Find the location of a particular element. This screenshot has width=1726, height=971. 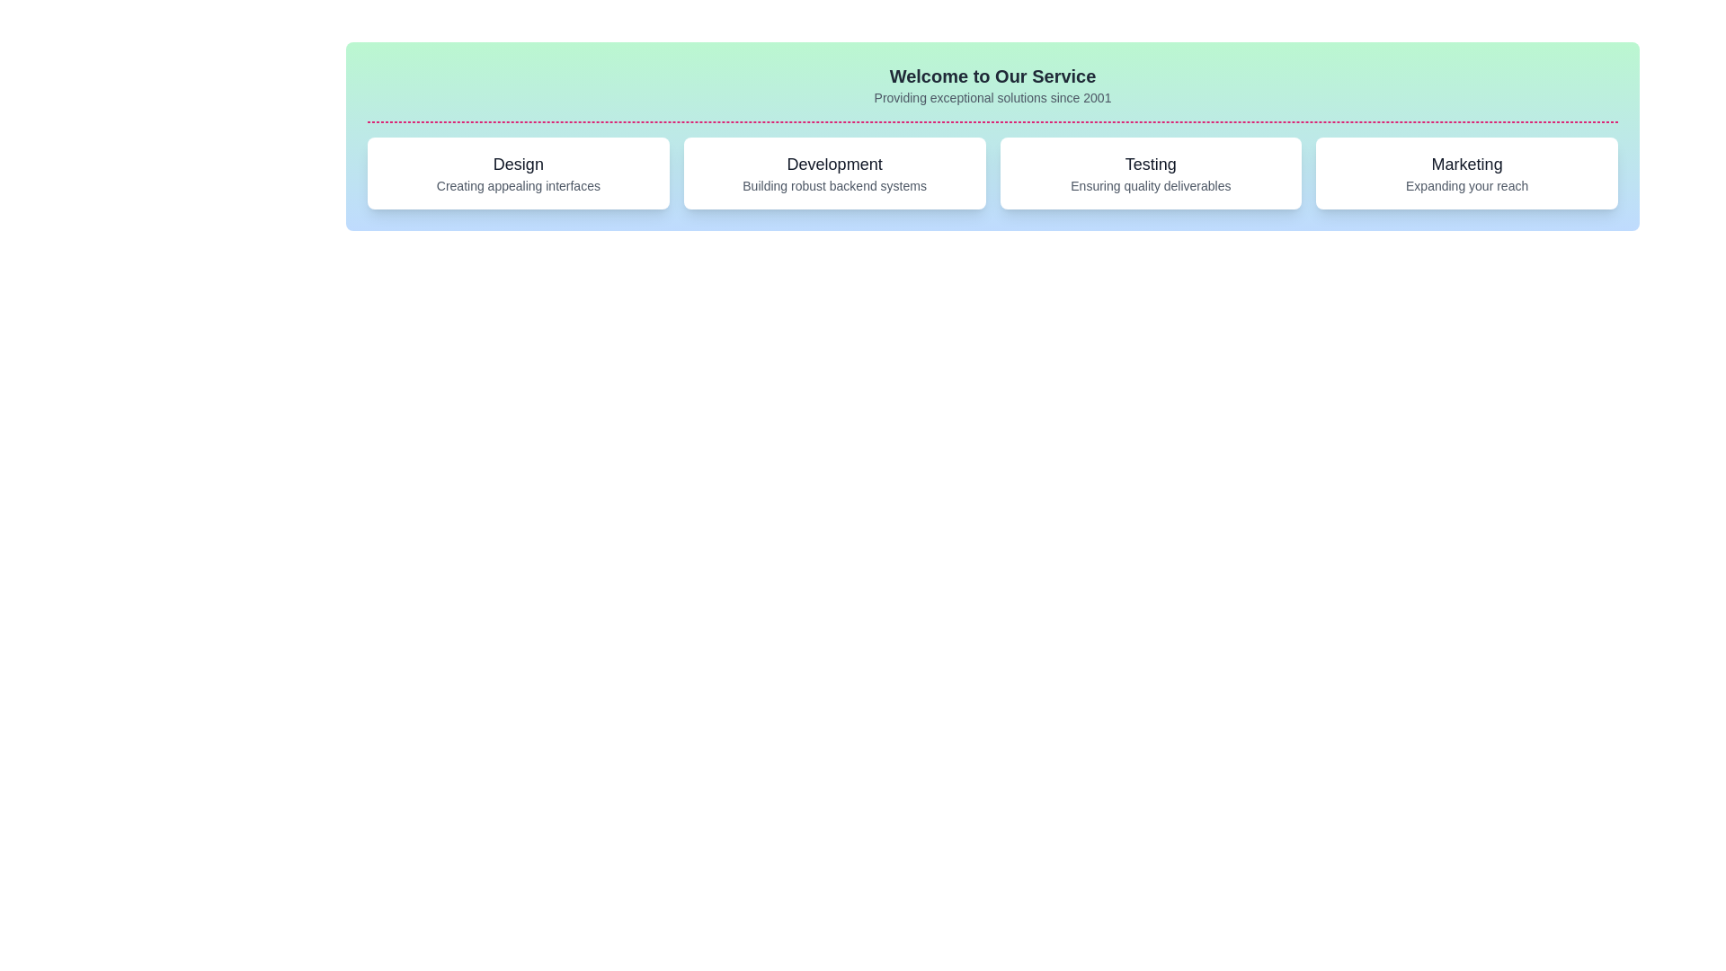

the Text label located below the title 'Design' within the first card of the horizontal row of cards is located at coordinates (517, 186).